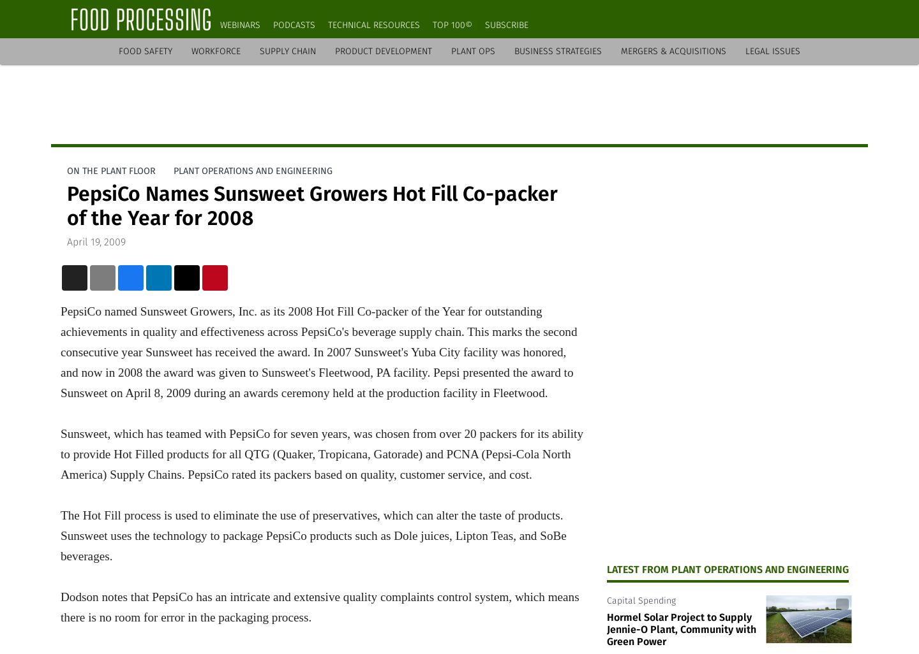  Describe the element at coordinates (96, 240) in the screenshot. I see `'April 19, 2009'` at that location.